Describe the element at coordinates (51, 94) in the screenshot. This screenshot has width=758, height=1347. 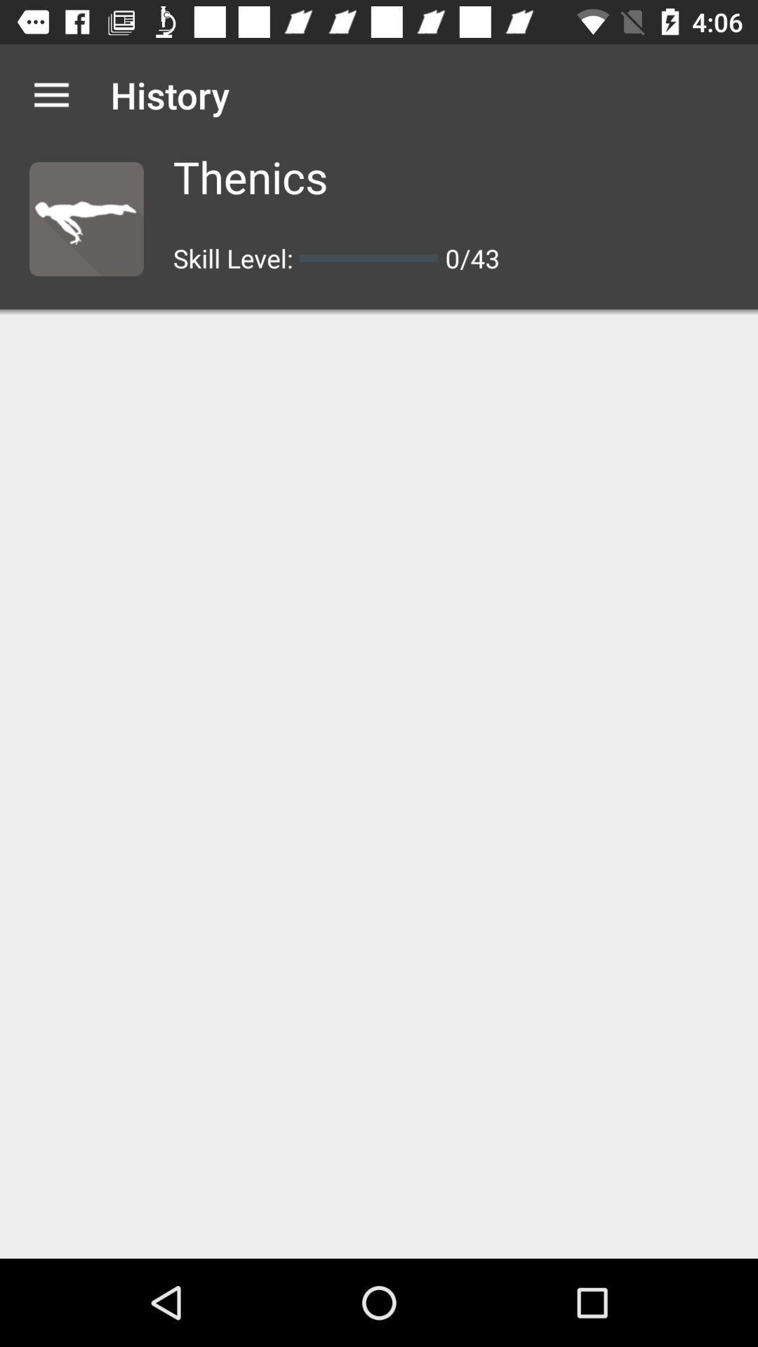
I see `the app to the left of the history` at that location.